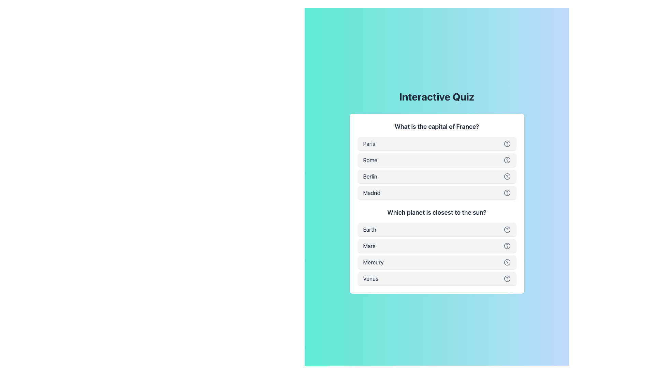 The width and height of the screenshot is (655, 368). What do you see at coordinates (507, 278) in the screenshot?
I see `the informational icon component located at the bottom right corner of the final answer option 'Venus' for the question 'Which planet is closest to the sun?'` at bounding box center [507, 278].